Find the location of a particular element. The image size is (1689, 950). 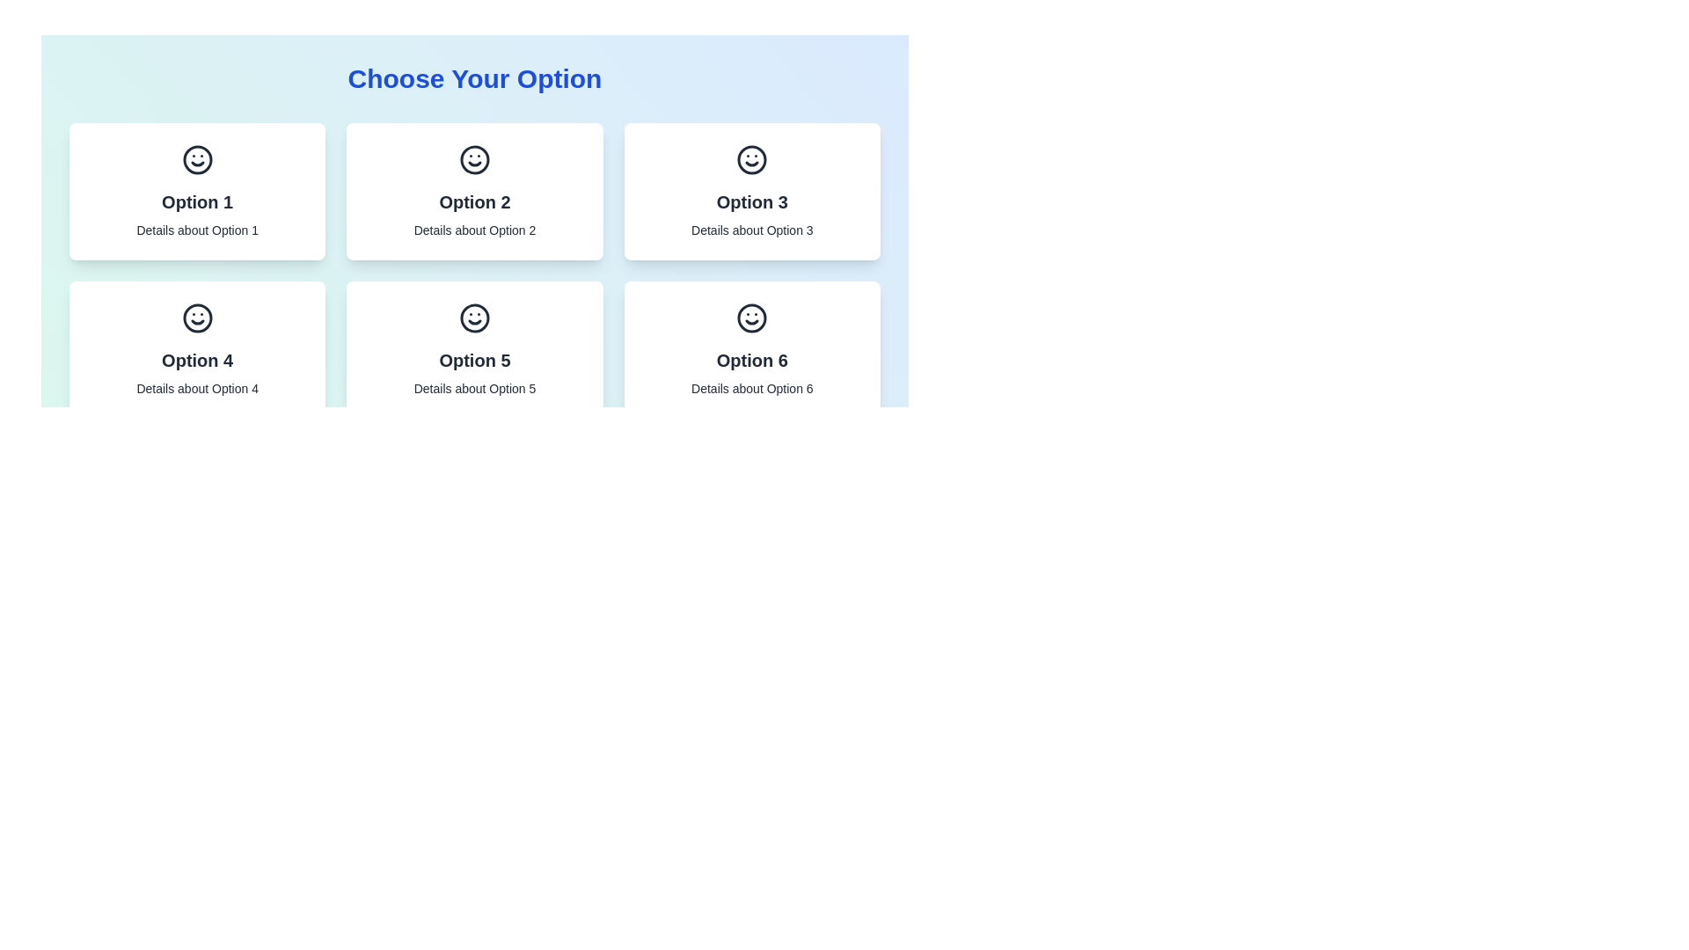

the graphical icon styled as a circular outline with a smiley face located in the lower row, middle column of the grid layout under the card labeled 'Option 5' is located at coordinates (474, 318).